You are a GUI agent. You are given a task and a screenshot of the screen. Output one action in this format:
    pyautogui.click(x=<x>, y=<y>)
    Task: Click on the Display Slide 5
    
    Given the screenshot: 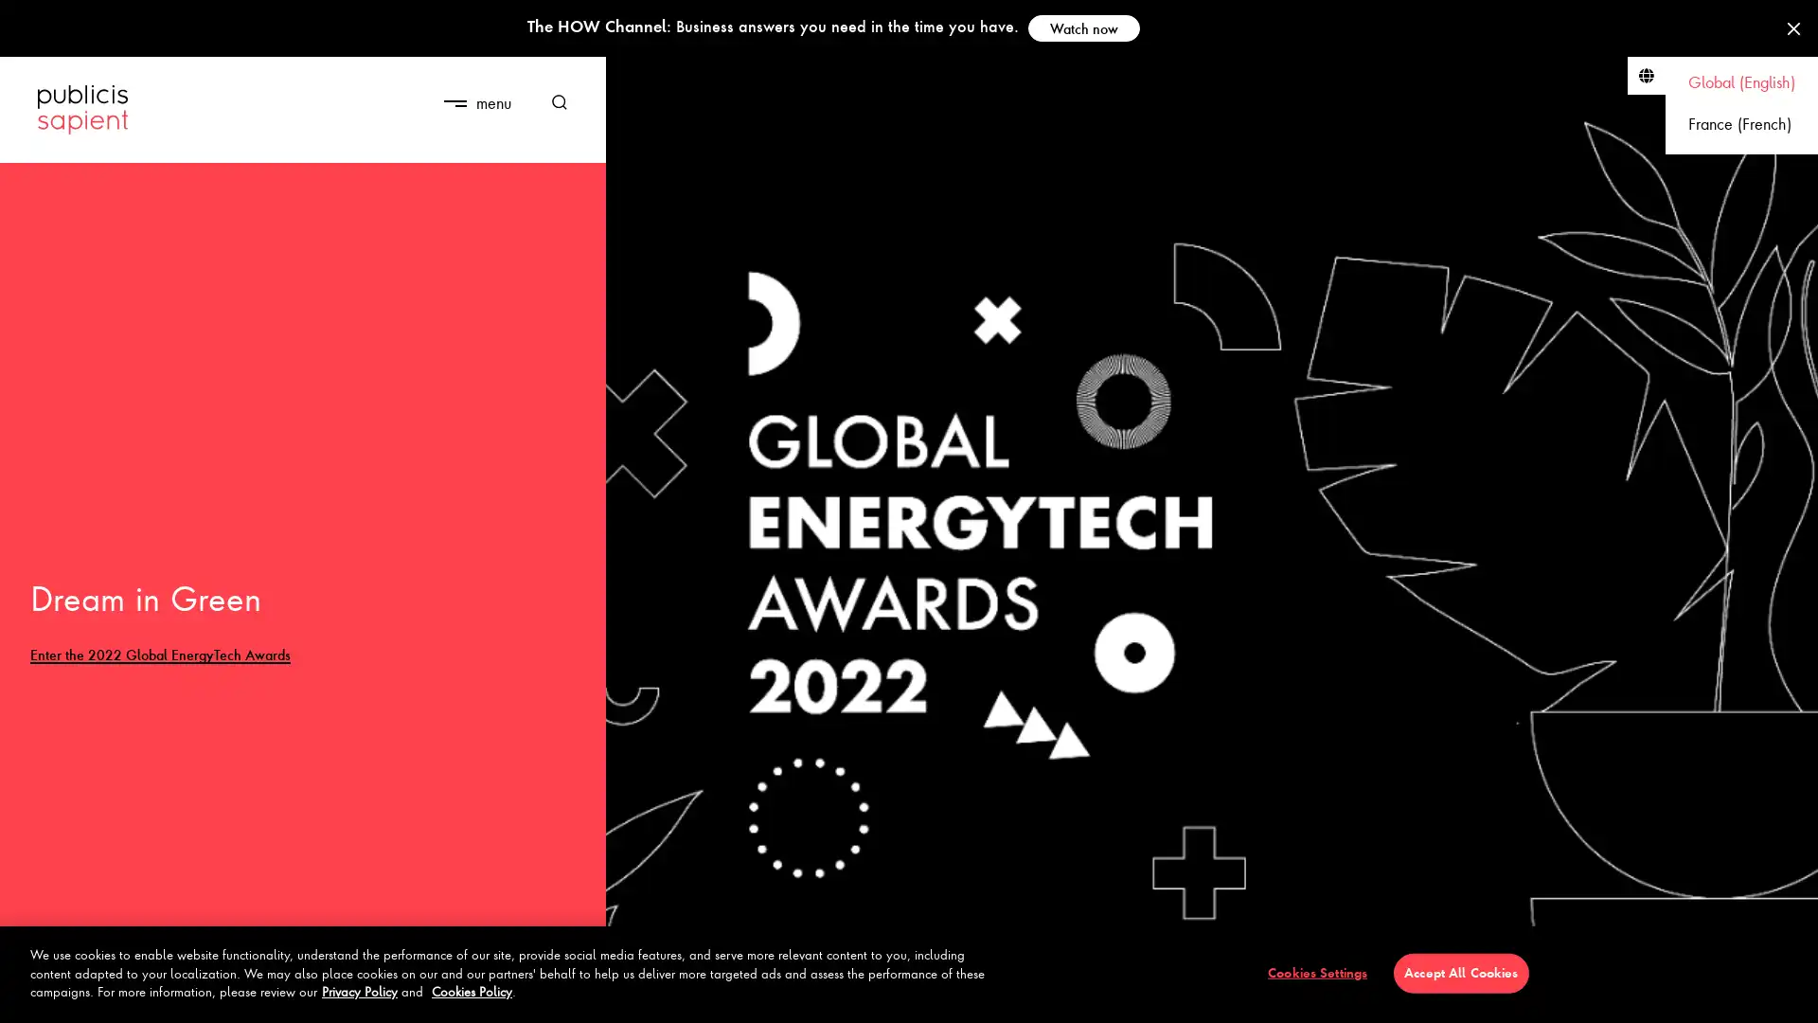 What is the action you would take?
    pyautogui.click(x=168, y=996)
    